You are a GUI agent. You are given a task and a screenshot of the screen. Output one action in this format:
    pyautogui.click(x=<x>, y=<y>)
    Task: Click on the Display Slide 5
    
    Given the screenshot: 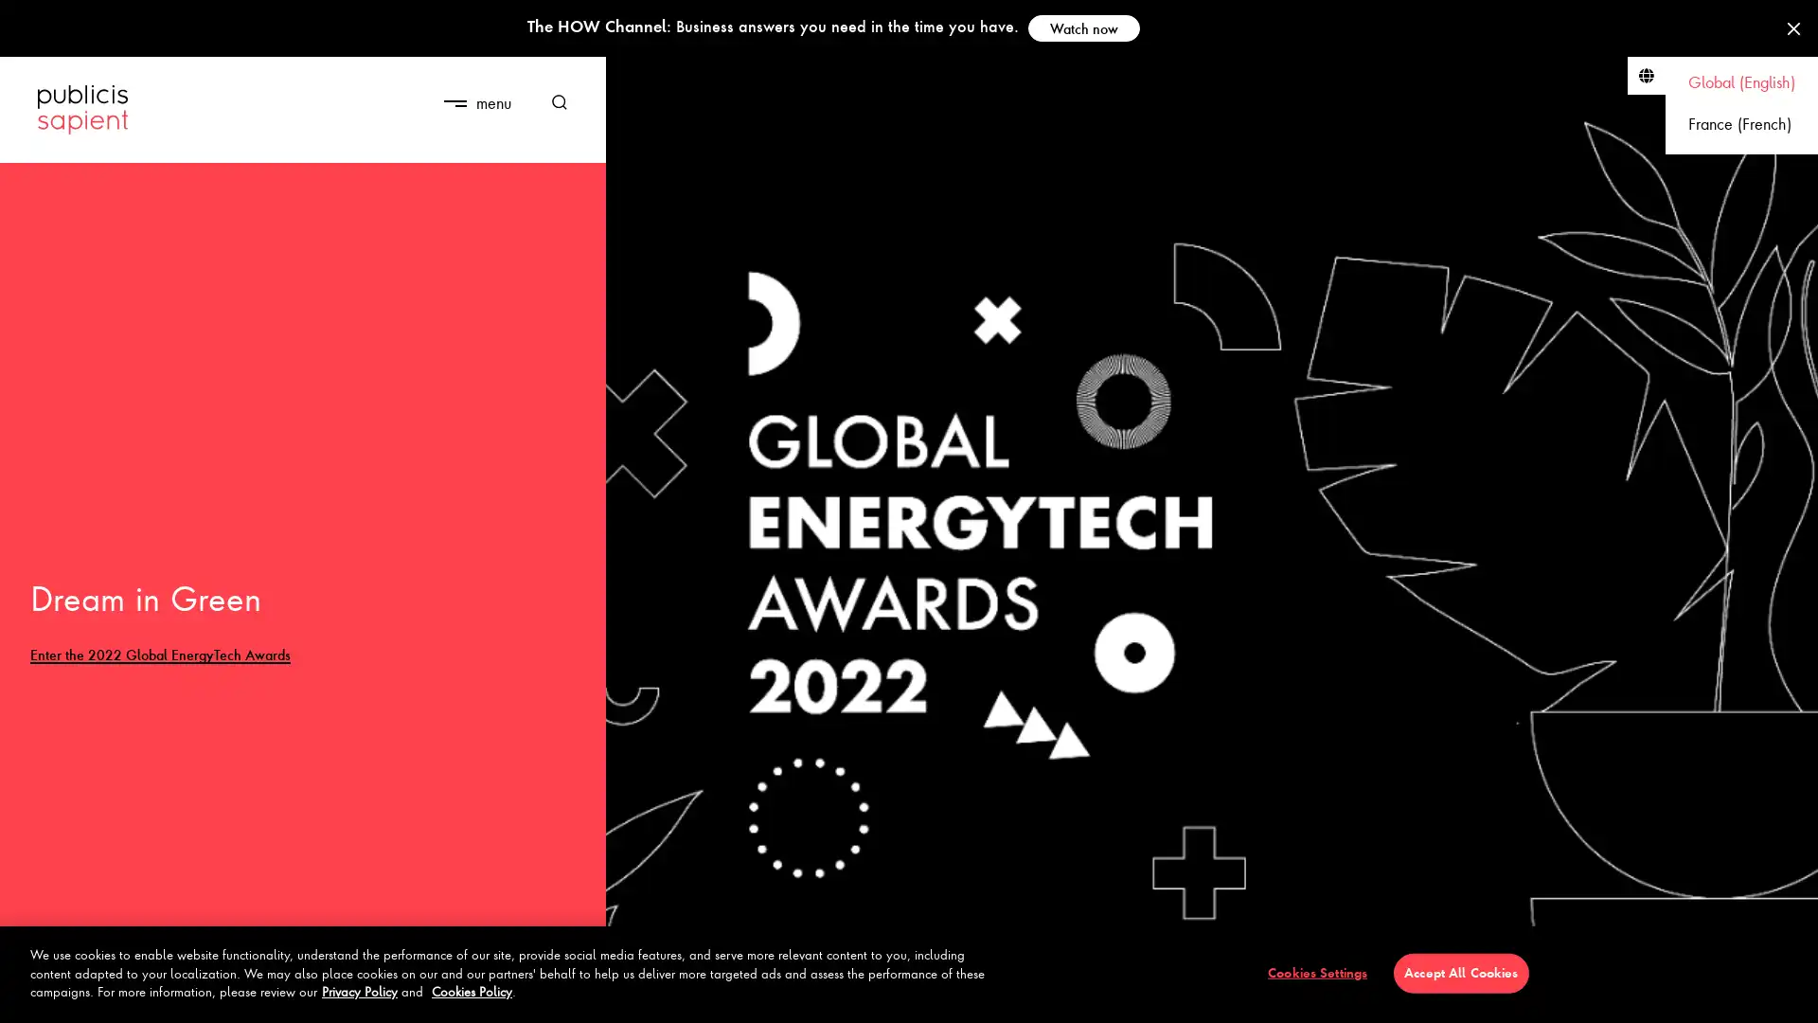 What is the action you would take?
    pyautogui.click(x=168, y=996)
    